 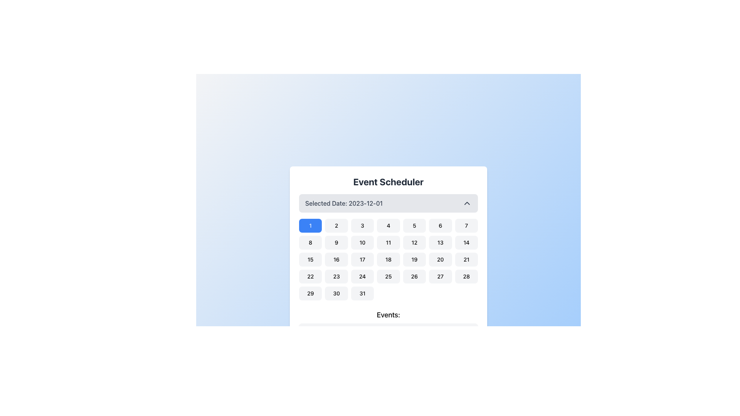 I want to click on the button displaying the date '18' in a calendar grid, located in the third row and fourth column, so click(x=388, y=260).